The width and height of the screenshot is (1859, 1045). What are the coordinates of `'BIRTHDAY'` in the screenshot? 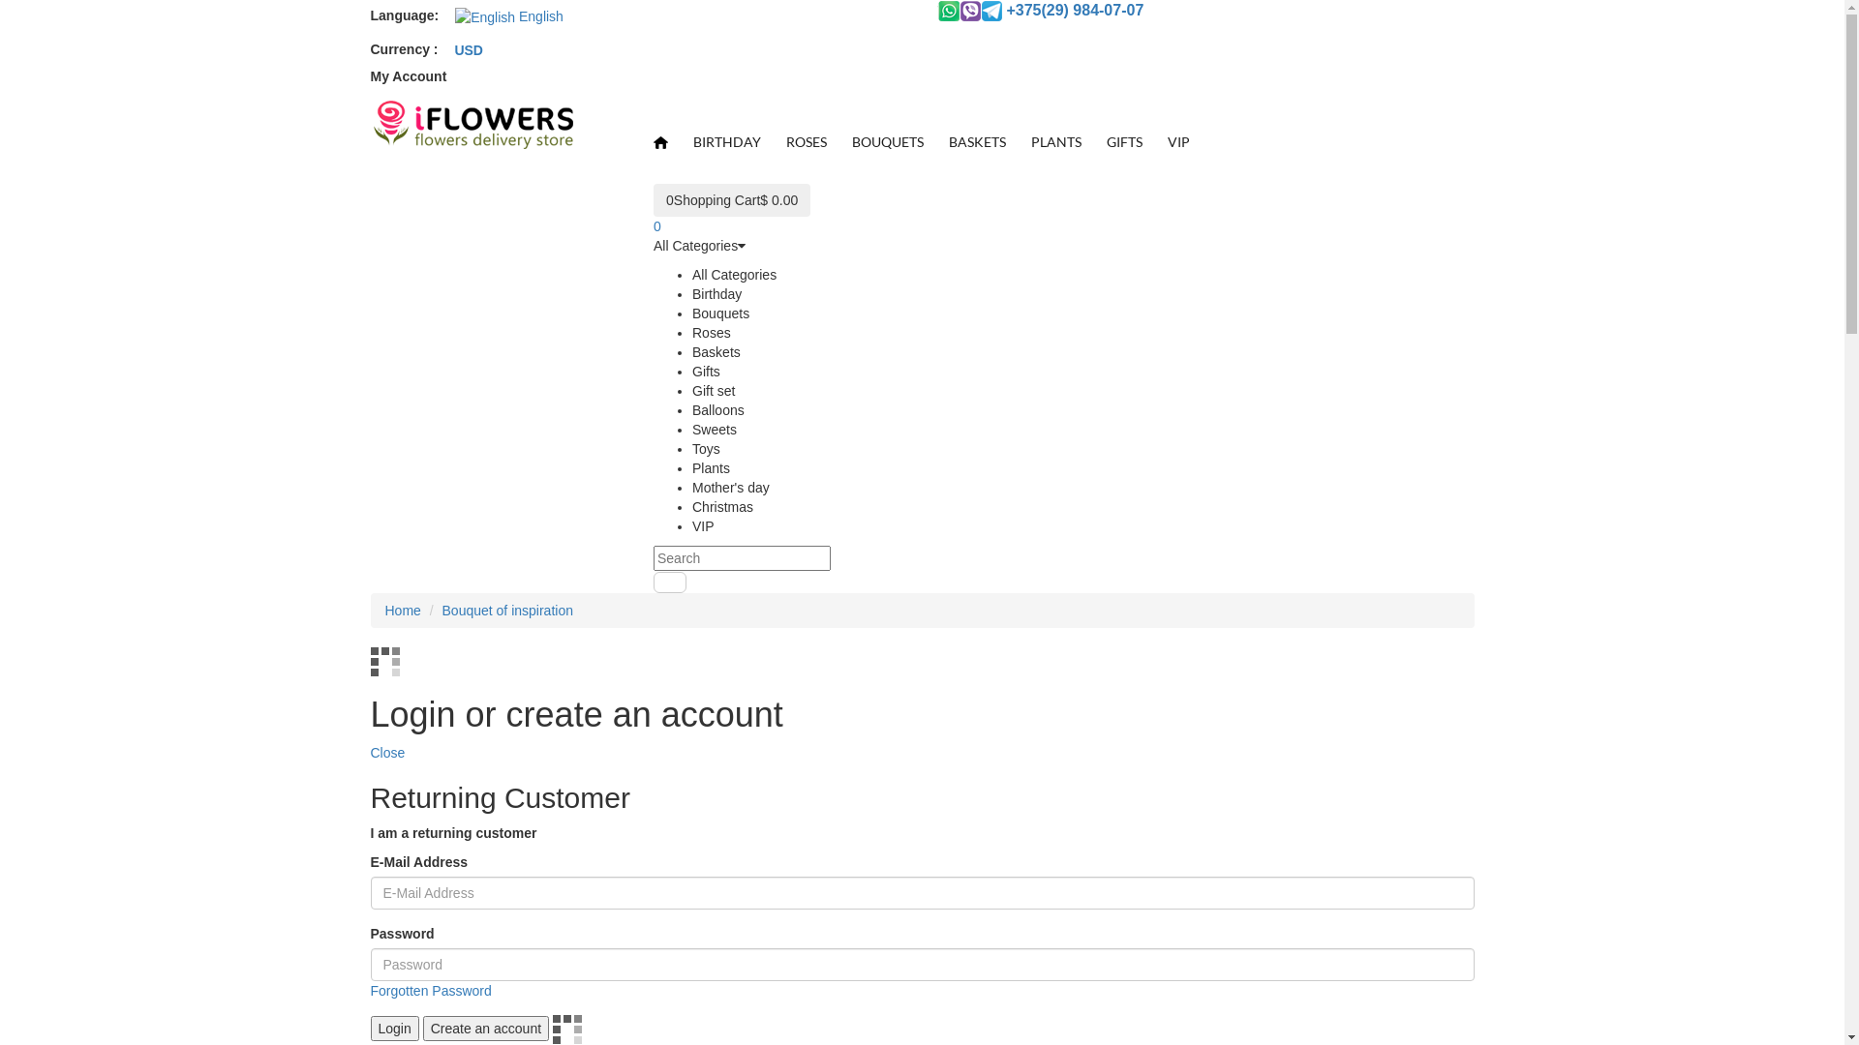 It's located at (680, 140).